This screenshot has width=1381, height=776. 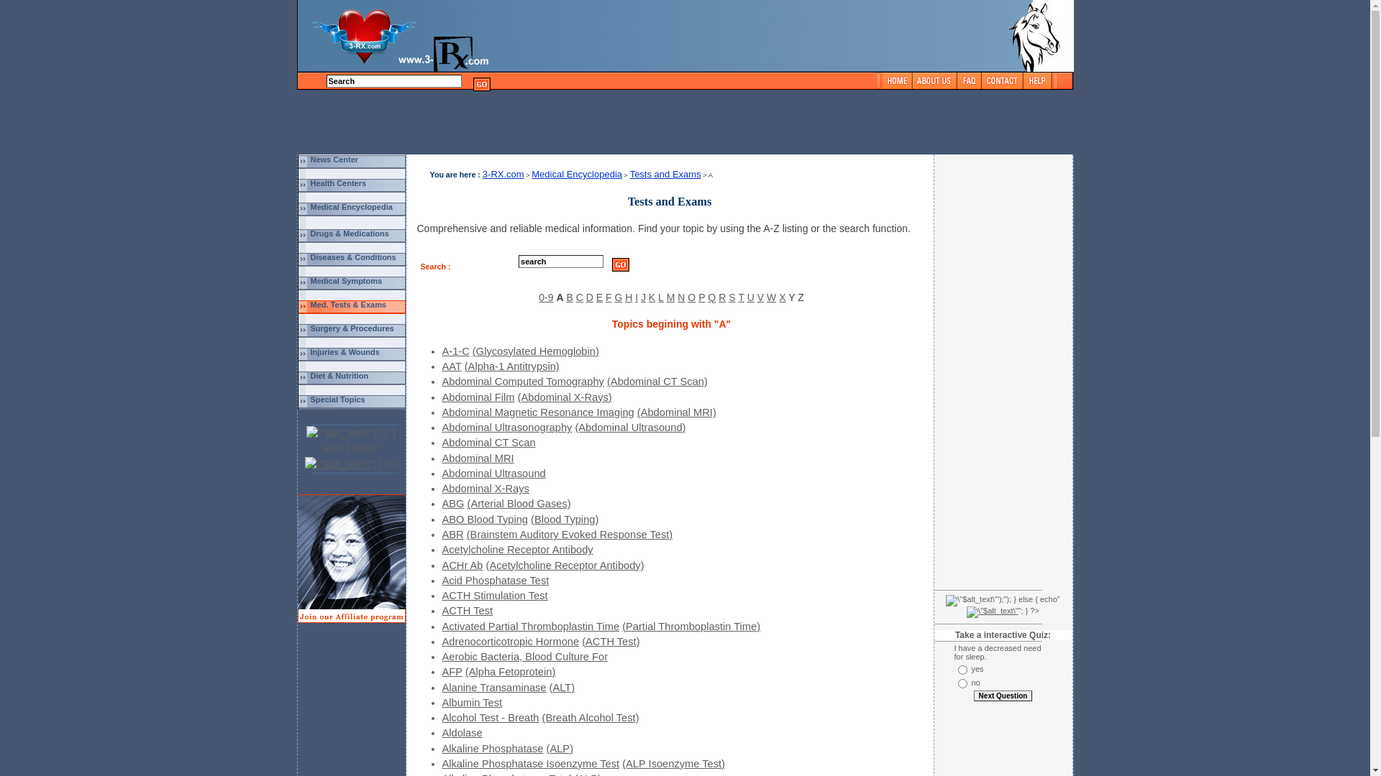 I want to click on 'Next Question', so click(x=1003, y=695).